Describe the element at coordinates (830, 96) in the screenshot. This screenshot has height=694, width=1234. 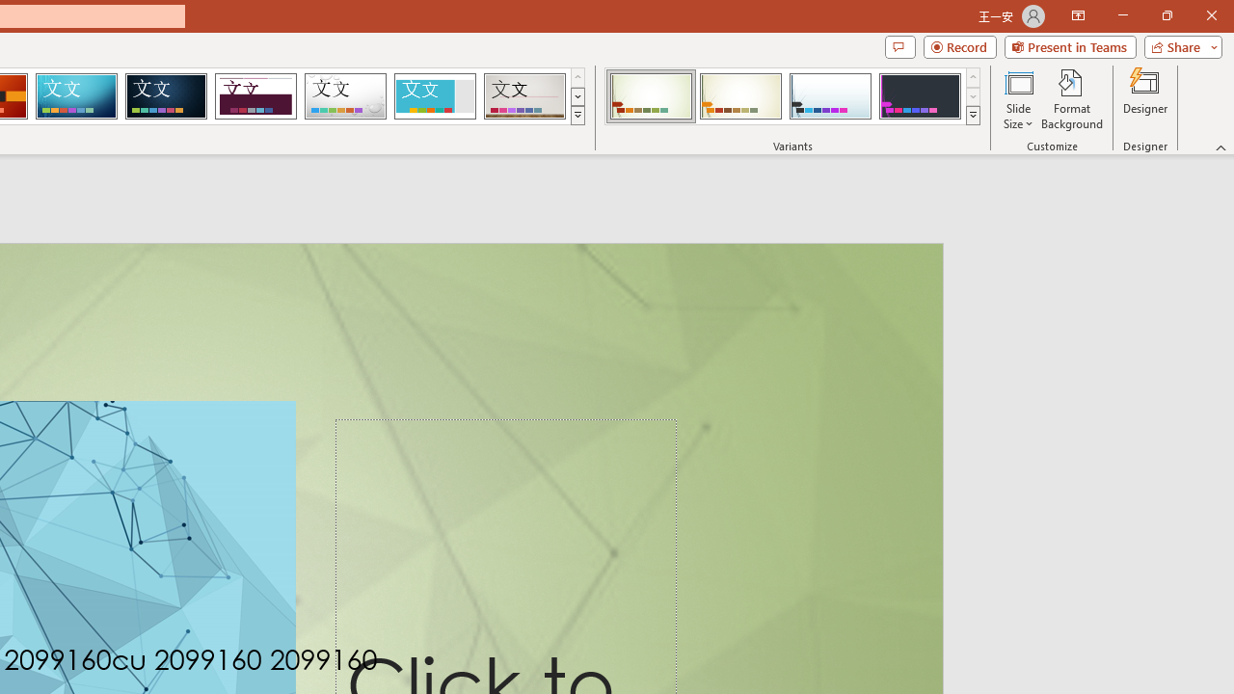
I see `'Wisp Variant 3'` at that location.